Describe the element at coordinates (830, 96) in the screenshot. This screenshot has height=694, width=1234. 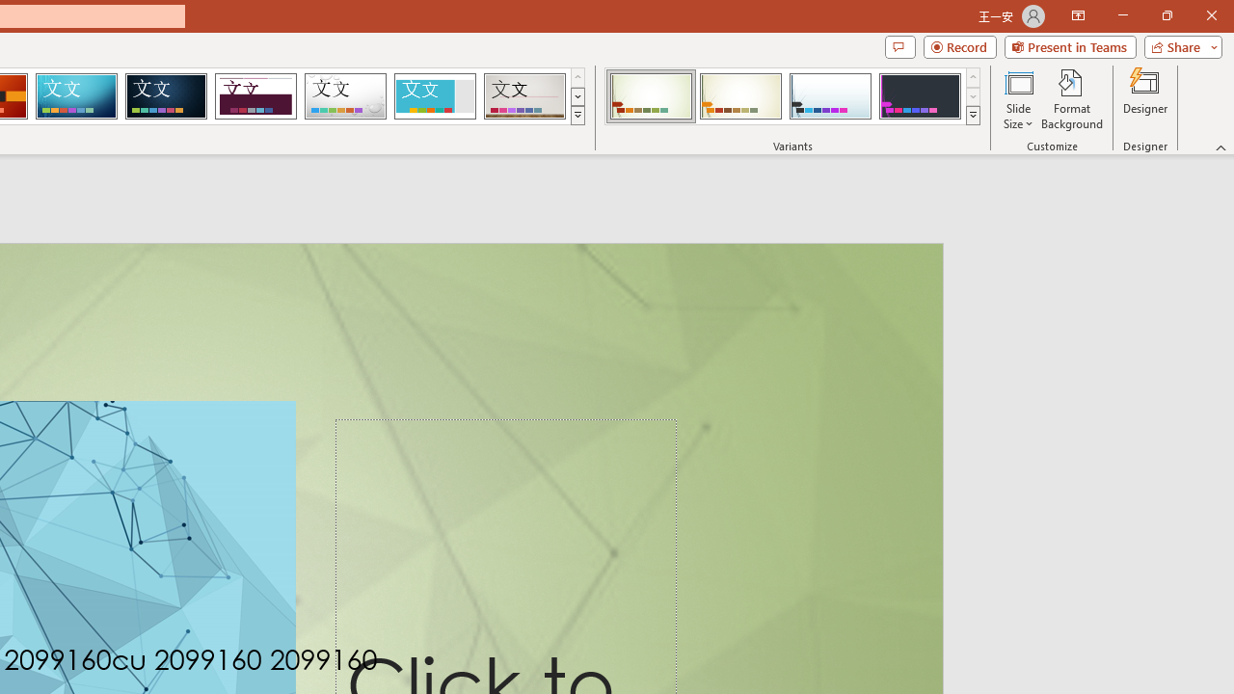
I see `'Wisp Variant 3'` at that location.